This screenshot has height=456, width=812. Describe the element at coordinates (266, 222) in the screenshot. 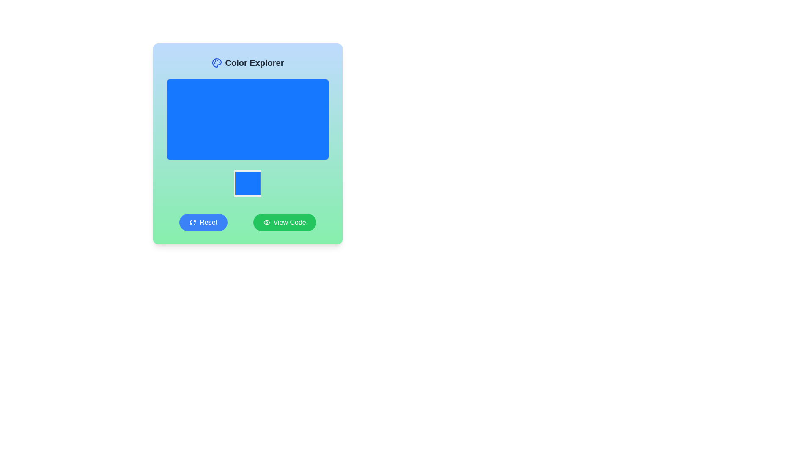

I see `the thin, elliptical ring that forms part of the eye symbol within the SVG graphic in the 'Color Explorer' interface` at that location.